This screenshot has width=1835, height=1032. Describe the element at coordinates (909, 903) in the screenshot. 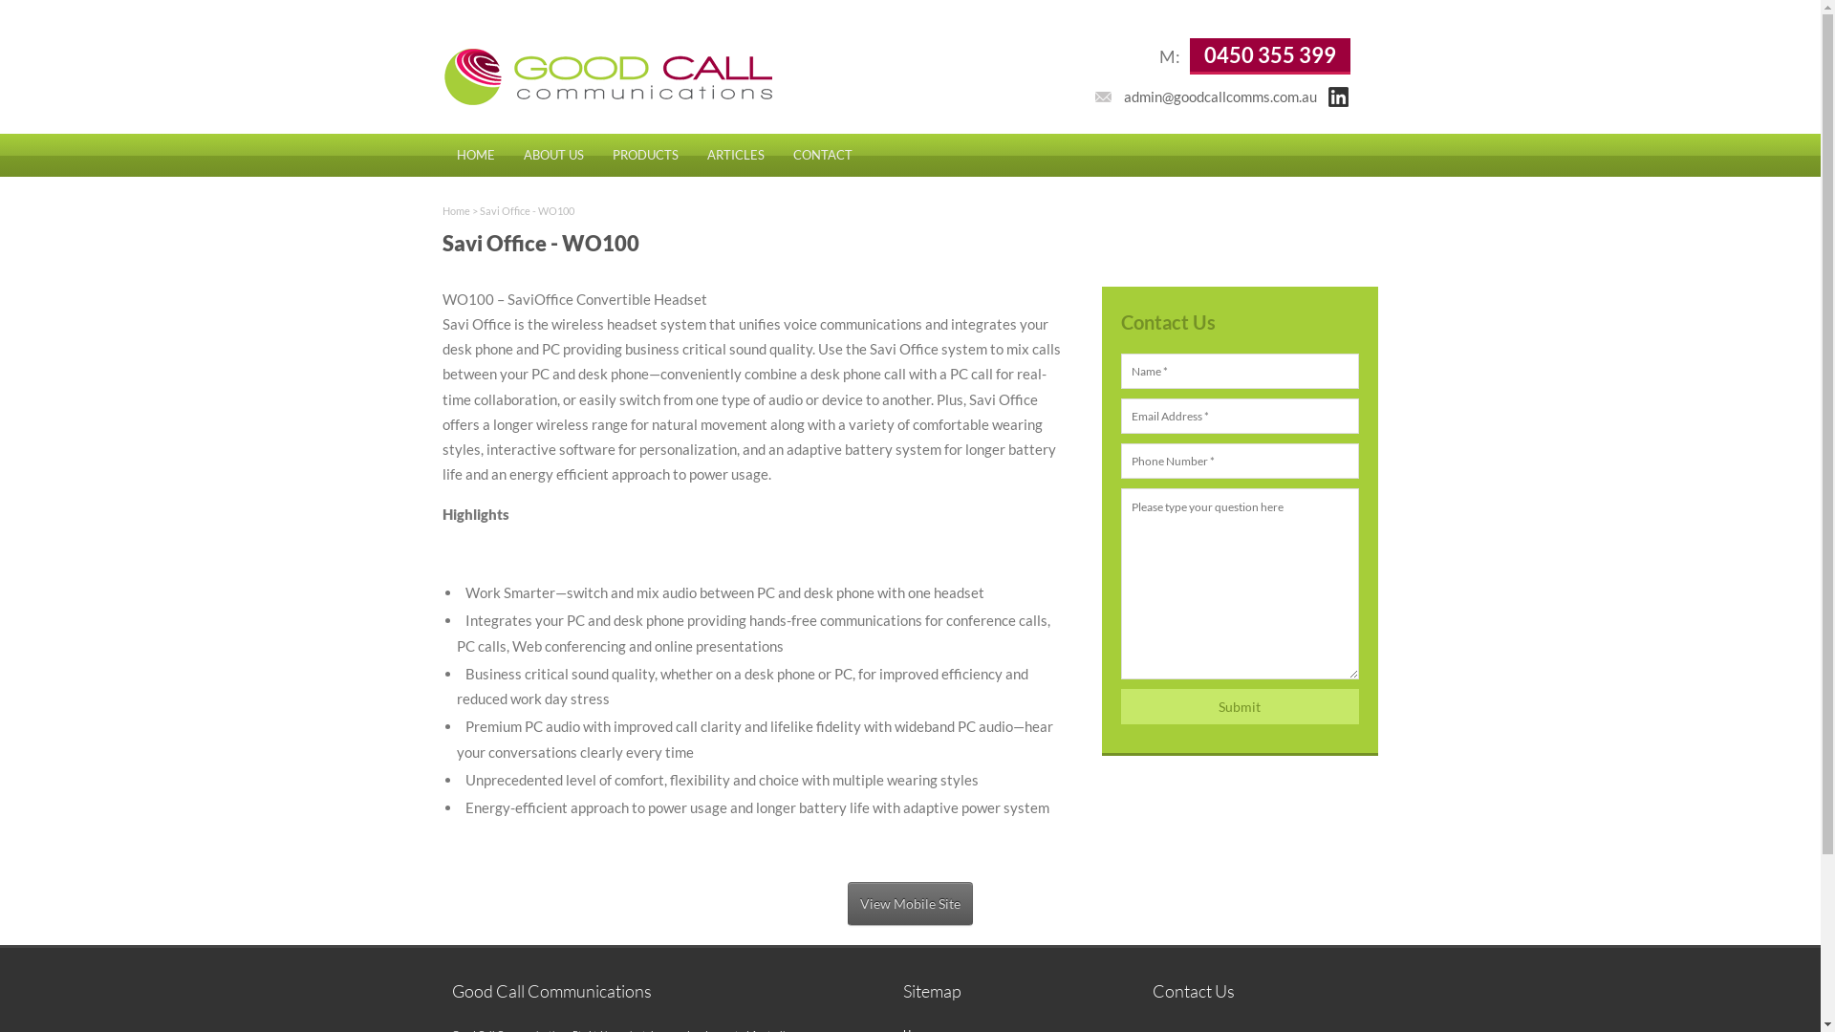

I see `'View Mobile Site'` at that location.